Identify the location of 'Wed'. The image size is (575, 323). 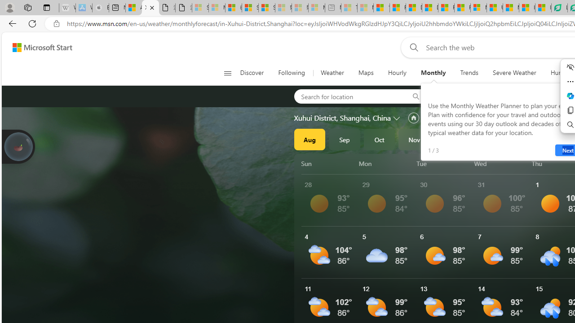
(501, 163).